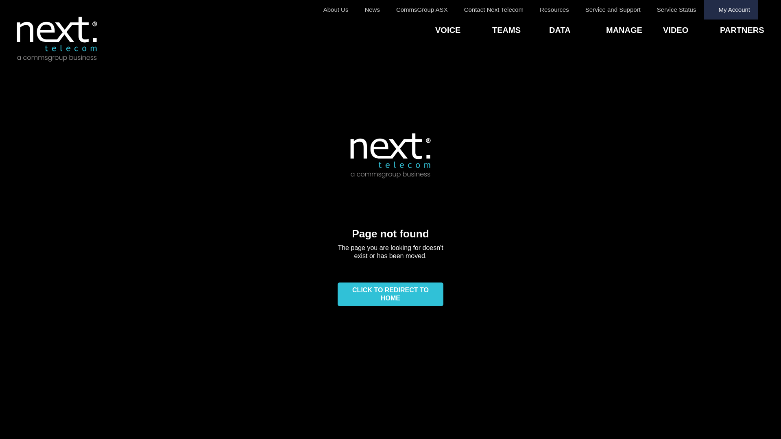  What do you see at coordinates (577, 30) in the screenshot?
I see `'DATA'` at bounding box center [577, 30].